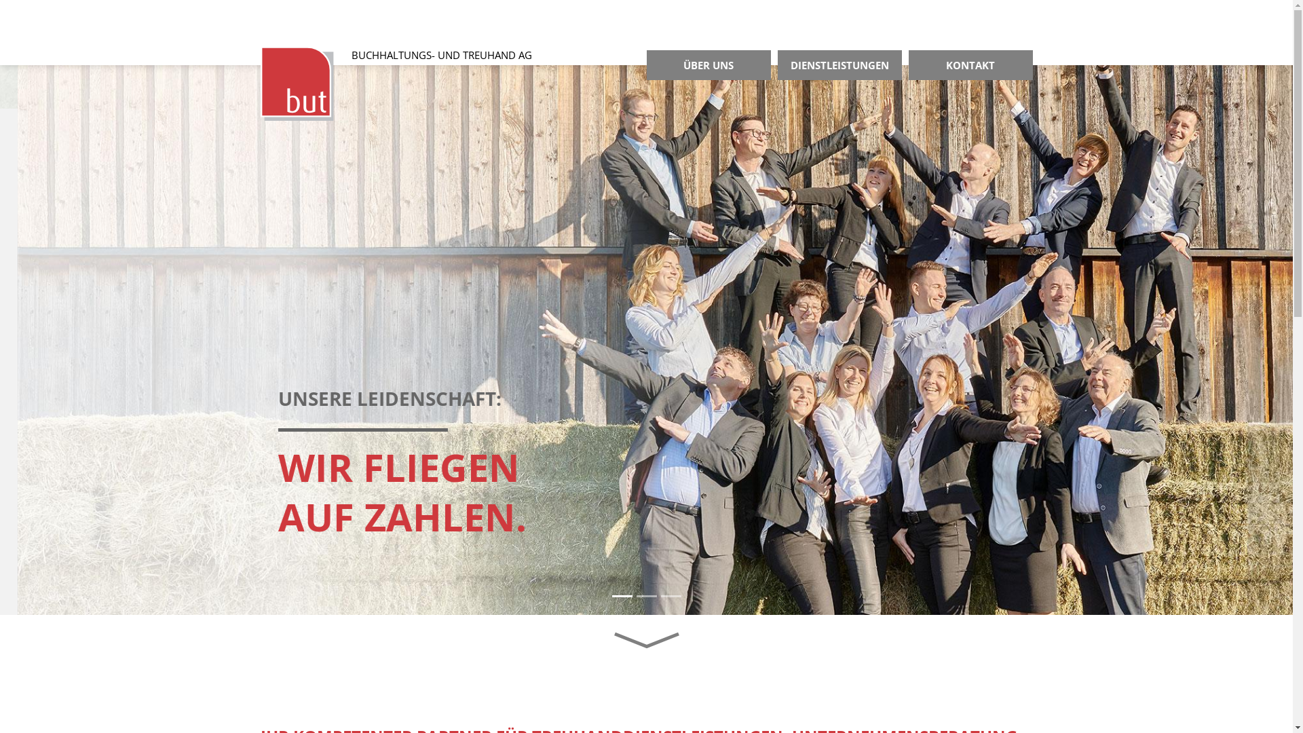 The image size is (1303, 733). I want to click on 'KONTAKT', so click(969, 65).